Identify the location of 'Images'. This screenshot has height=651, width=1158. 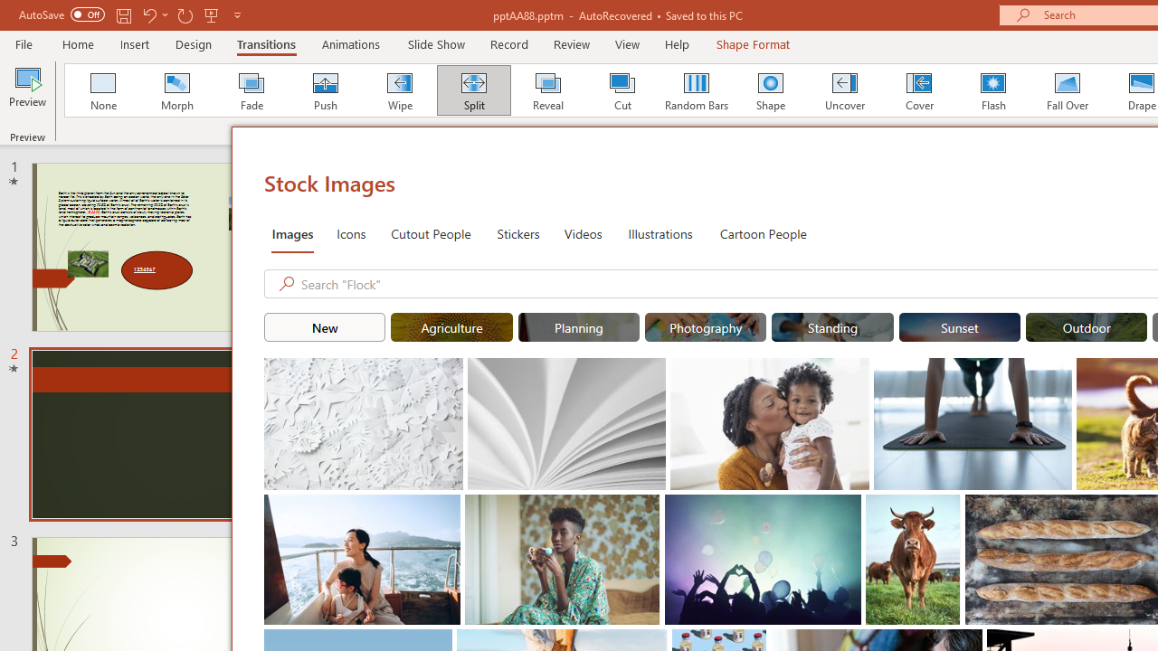
(292, 232).